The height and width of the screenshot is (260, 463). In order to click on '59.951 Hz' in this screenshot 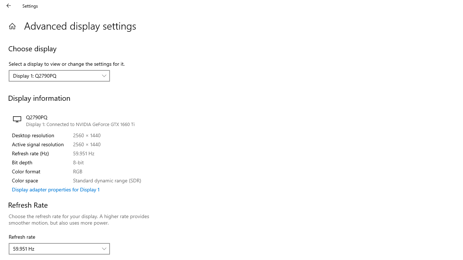, I will do `click(55, 248)`.